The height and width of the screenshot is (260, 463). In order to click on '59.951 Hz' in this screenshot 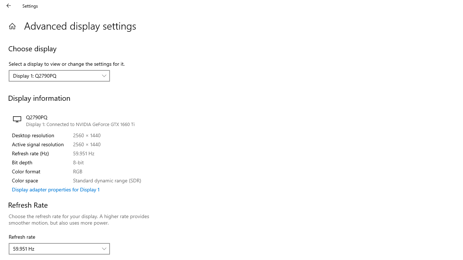, I will do `click(55, 248)`.